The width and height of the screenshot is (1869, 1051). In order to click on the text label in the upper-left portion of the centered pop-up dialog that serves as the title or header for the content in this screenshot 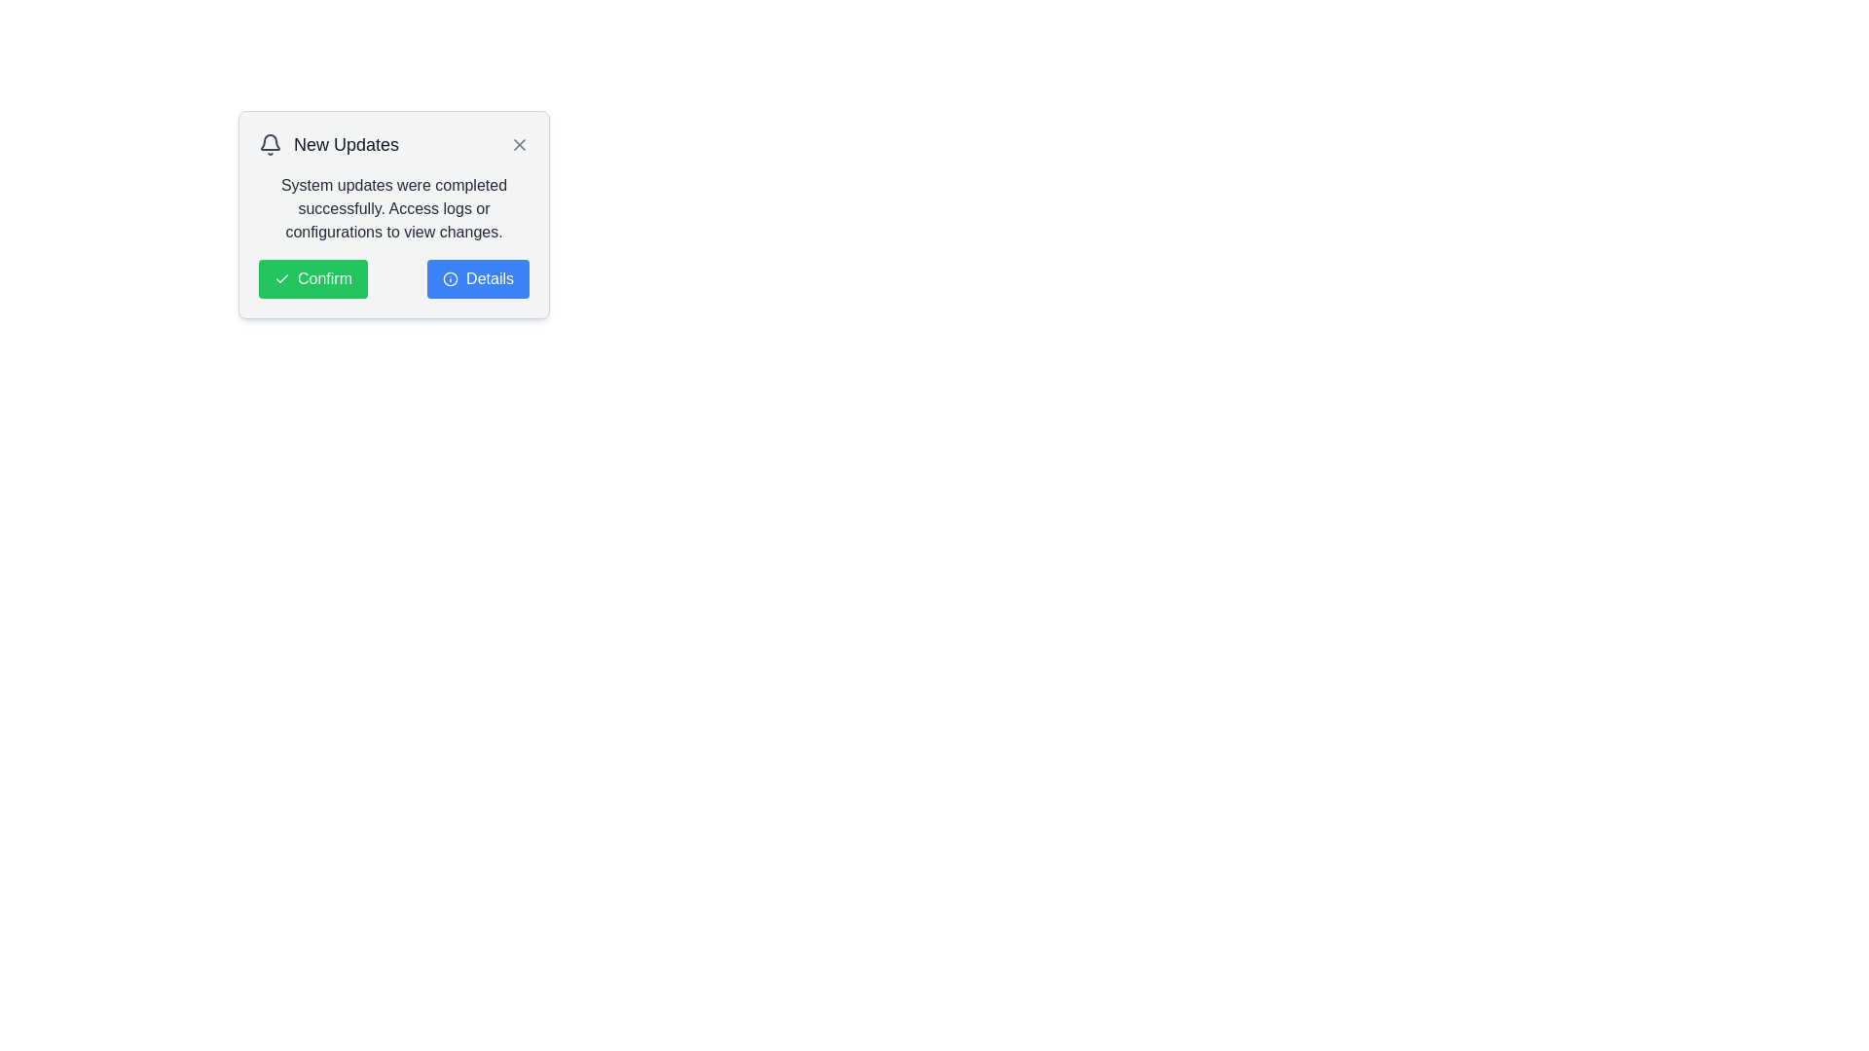, I will do `click(329, 144)`.